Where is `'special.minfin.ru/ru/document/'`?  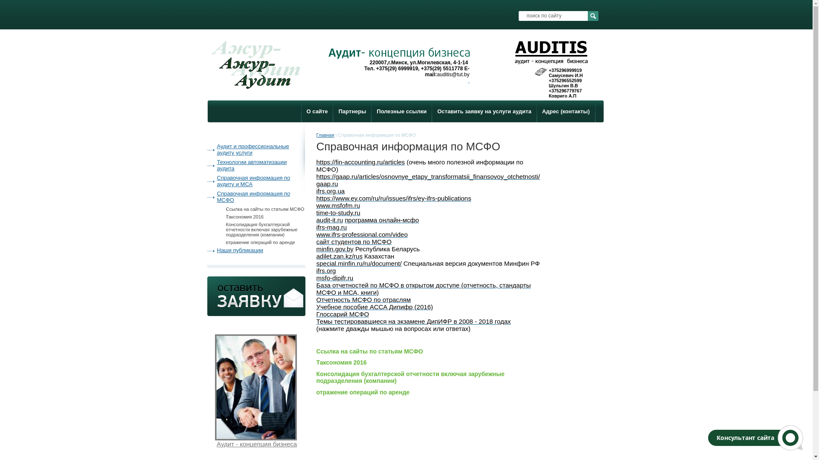 'special.minfin.ru/ru/document/' is located at coordinates (359, 263).